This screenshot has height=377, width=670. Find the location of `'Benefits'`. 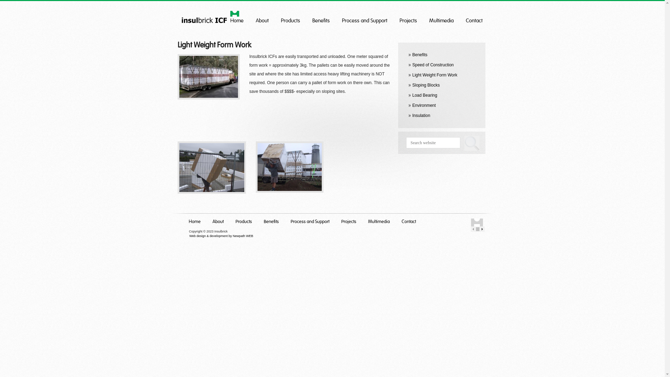

'Benefits' is located at coordinates (320, 19).